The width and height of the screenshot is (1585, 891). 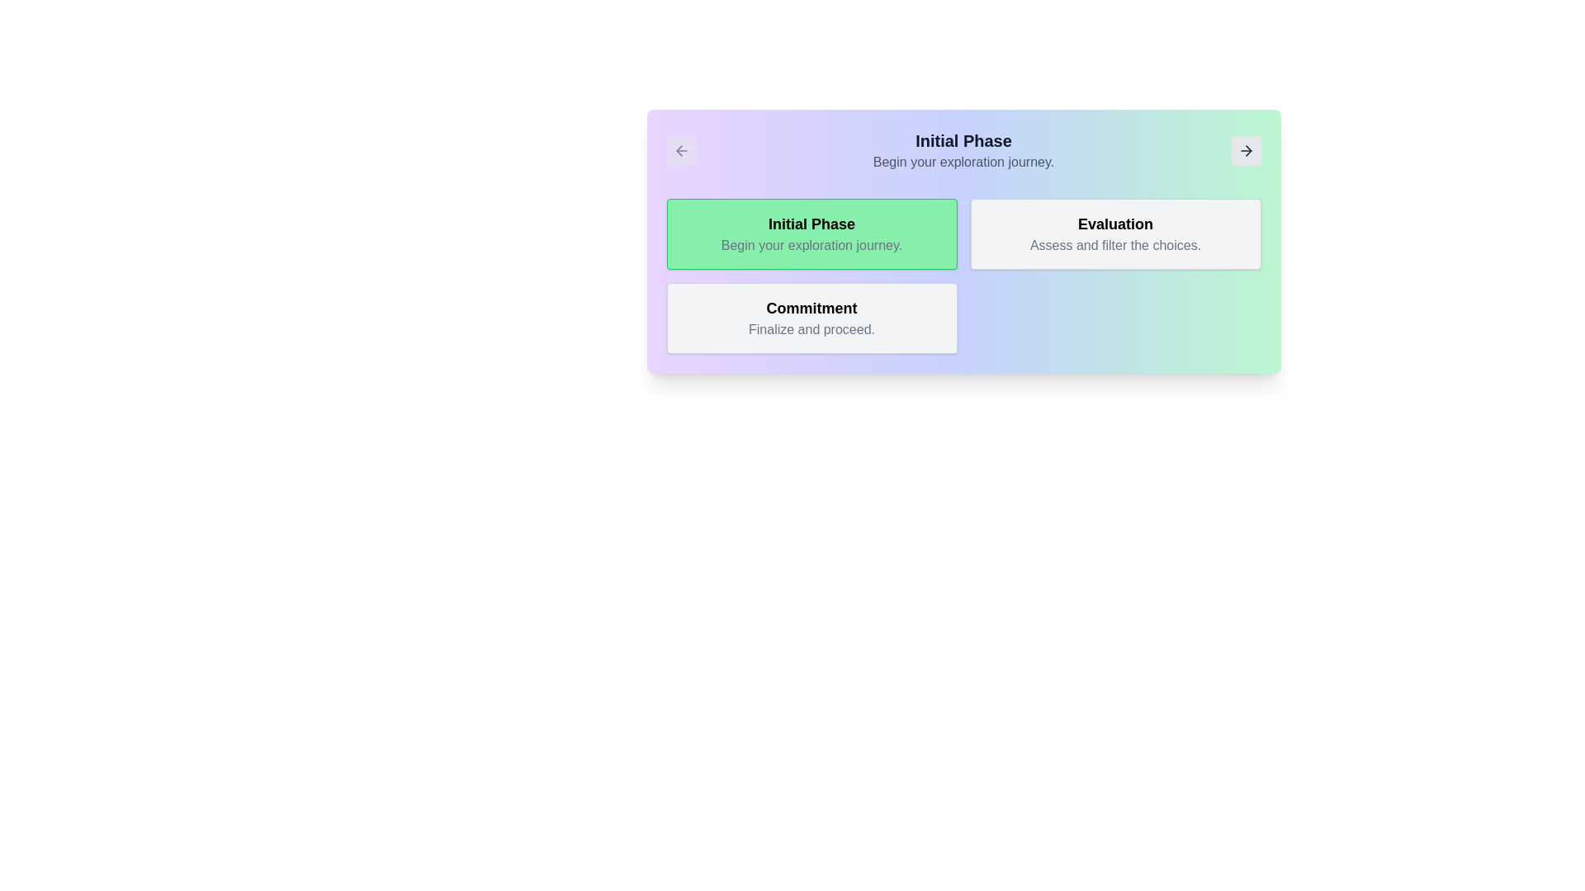 I want to click on the text header labeled 'Initial Phase', which is bold and large, with dark gray color against a gradient background, so click(x=963, y=139).